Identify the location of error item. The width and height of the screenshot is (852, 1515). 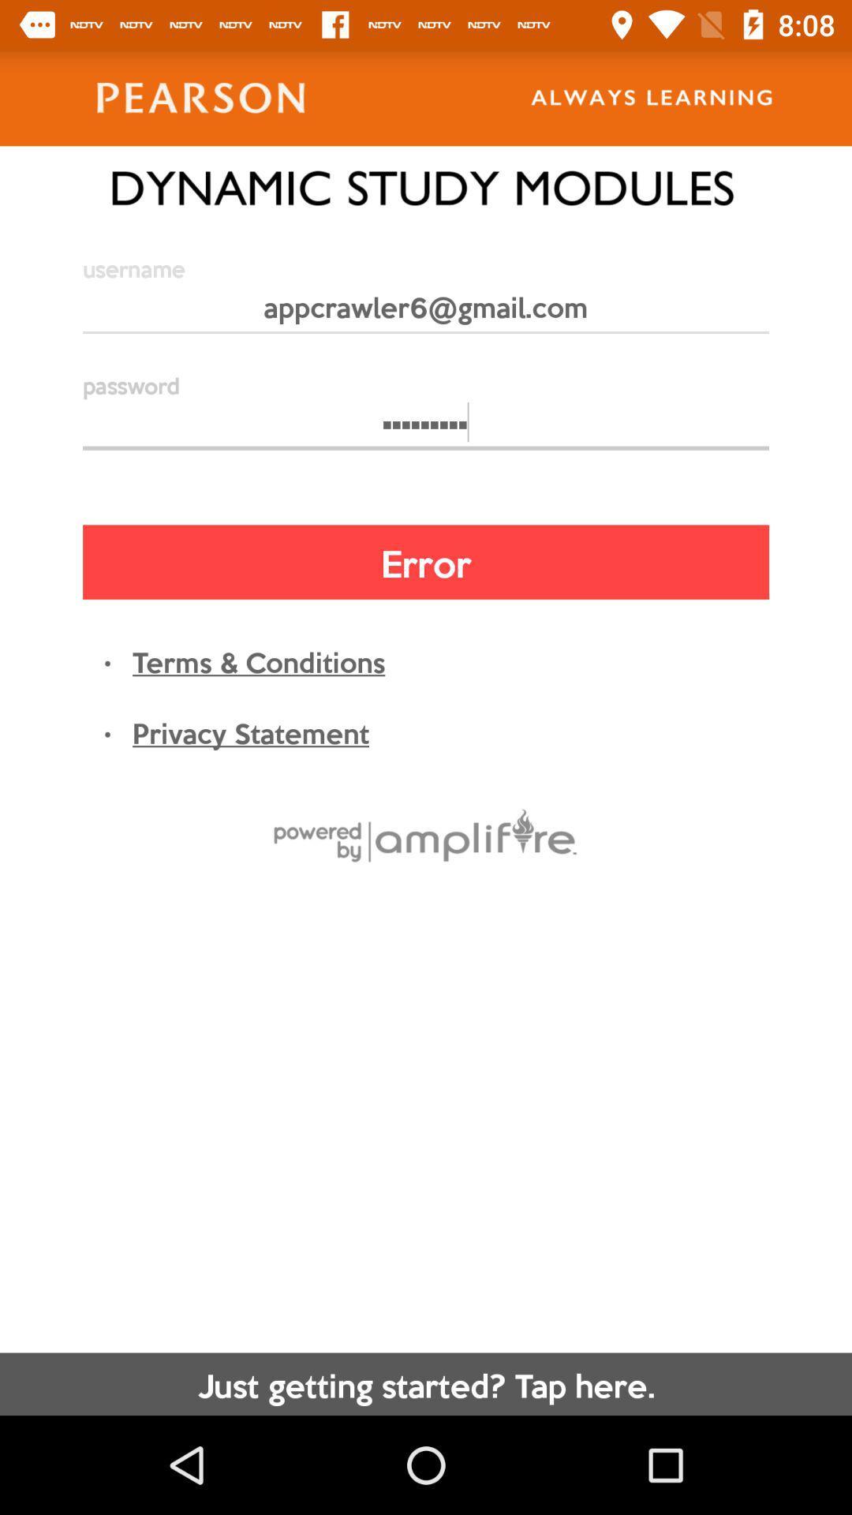
(426, 562).